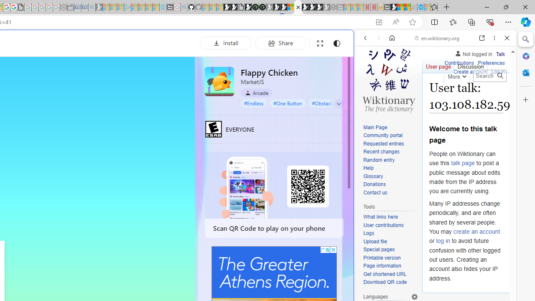 The image size is (535, 301). Describe the element at coordinates (497, 96) in the screenshot. I see `'Class: b_serphb'` at that location.